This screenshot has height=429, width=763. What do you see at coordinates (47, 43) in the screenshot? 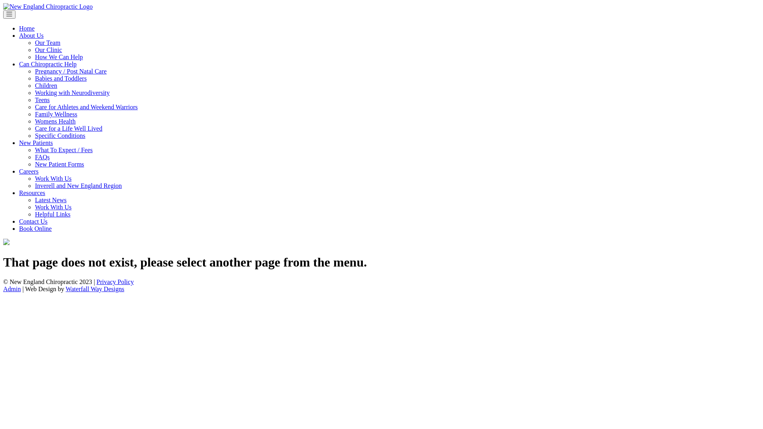
I see `'Our Team'` at bounding box center [47, 43].